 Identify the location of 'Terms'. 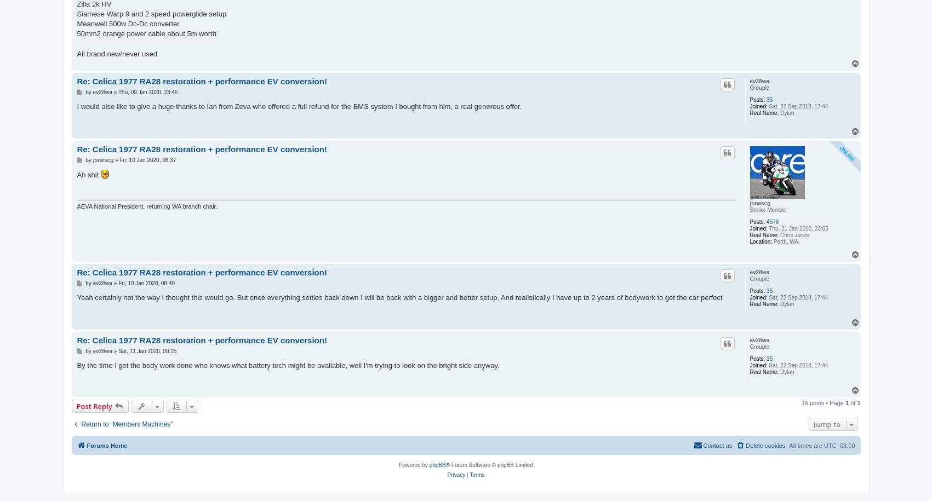
(476, 474).